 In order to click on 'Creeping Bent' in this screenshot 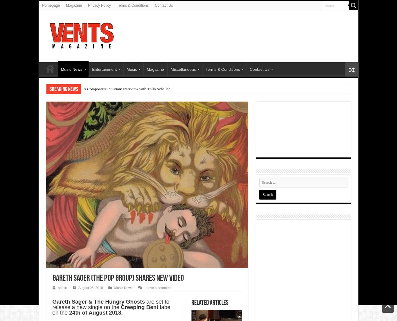, I will do `click(139, 307)`.